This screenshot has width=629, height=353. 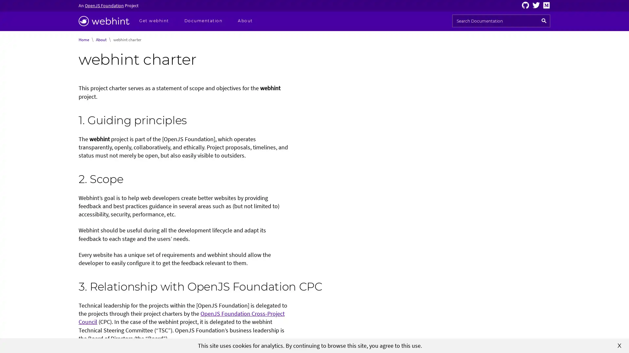 What do you see at coordinates (619, 345) in the screenshot?
I see `close` at bounding box center [619, 345].